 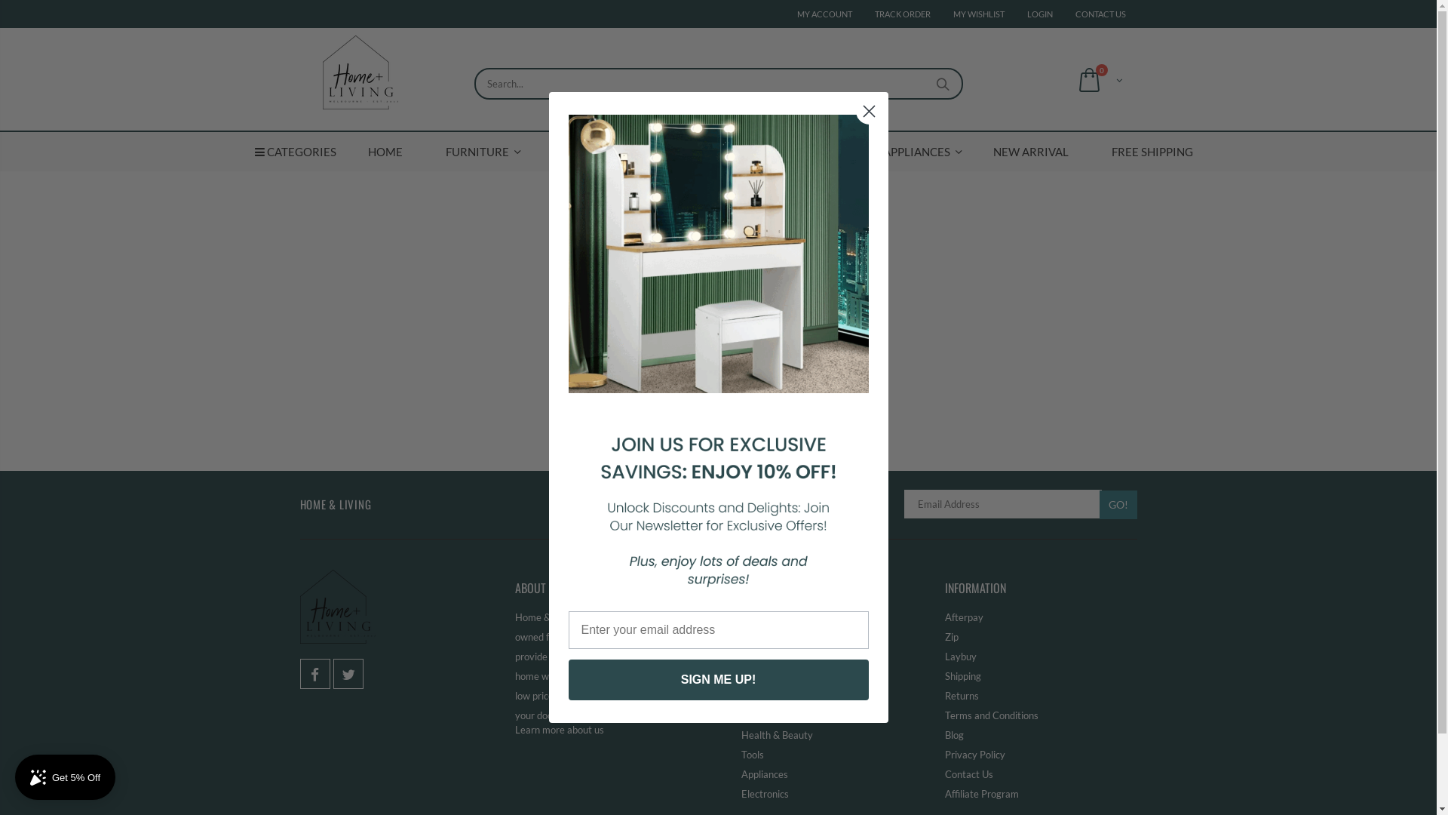 I want to click on 'Learn more about us', so click(x=557, y=729).